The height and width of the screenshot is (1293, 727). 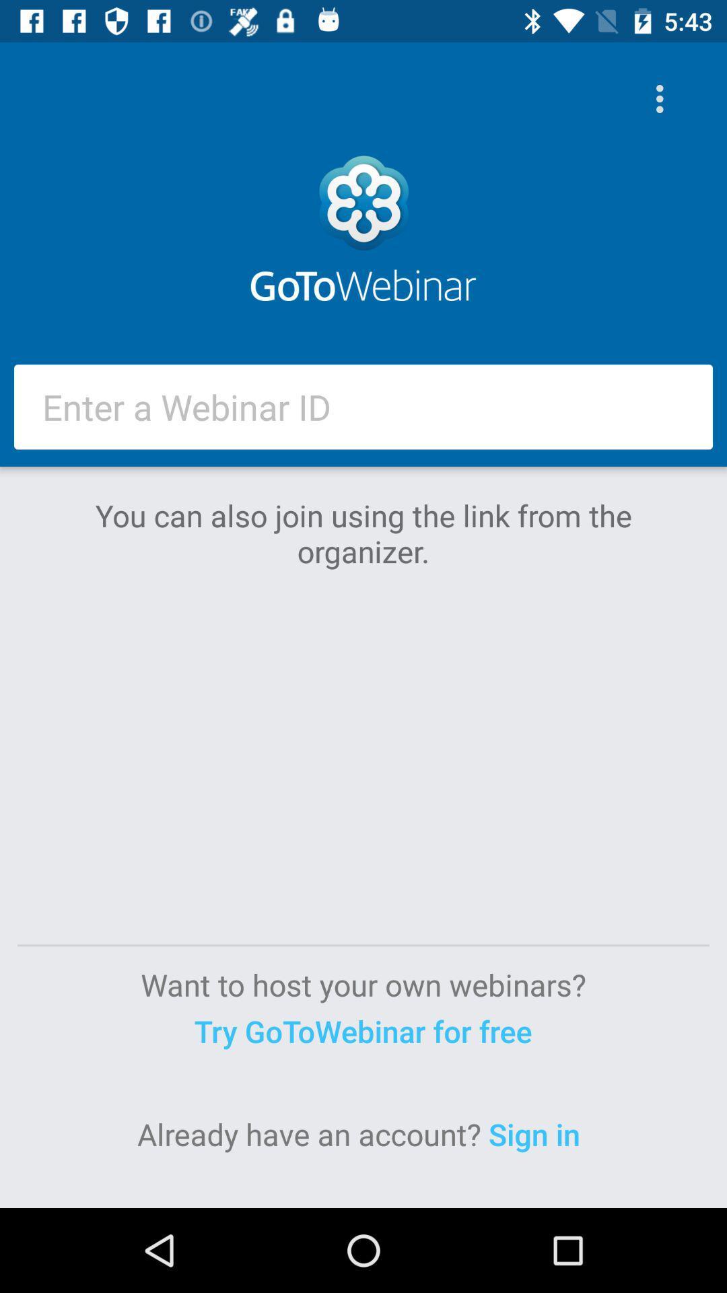 What do you see at coordinates (538, 1133) in the screenshot?
I see `item to the right of already have an` at bounding box center [538, 1133].